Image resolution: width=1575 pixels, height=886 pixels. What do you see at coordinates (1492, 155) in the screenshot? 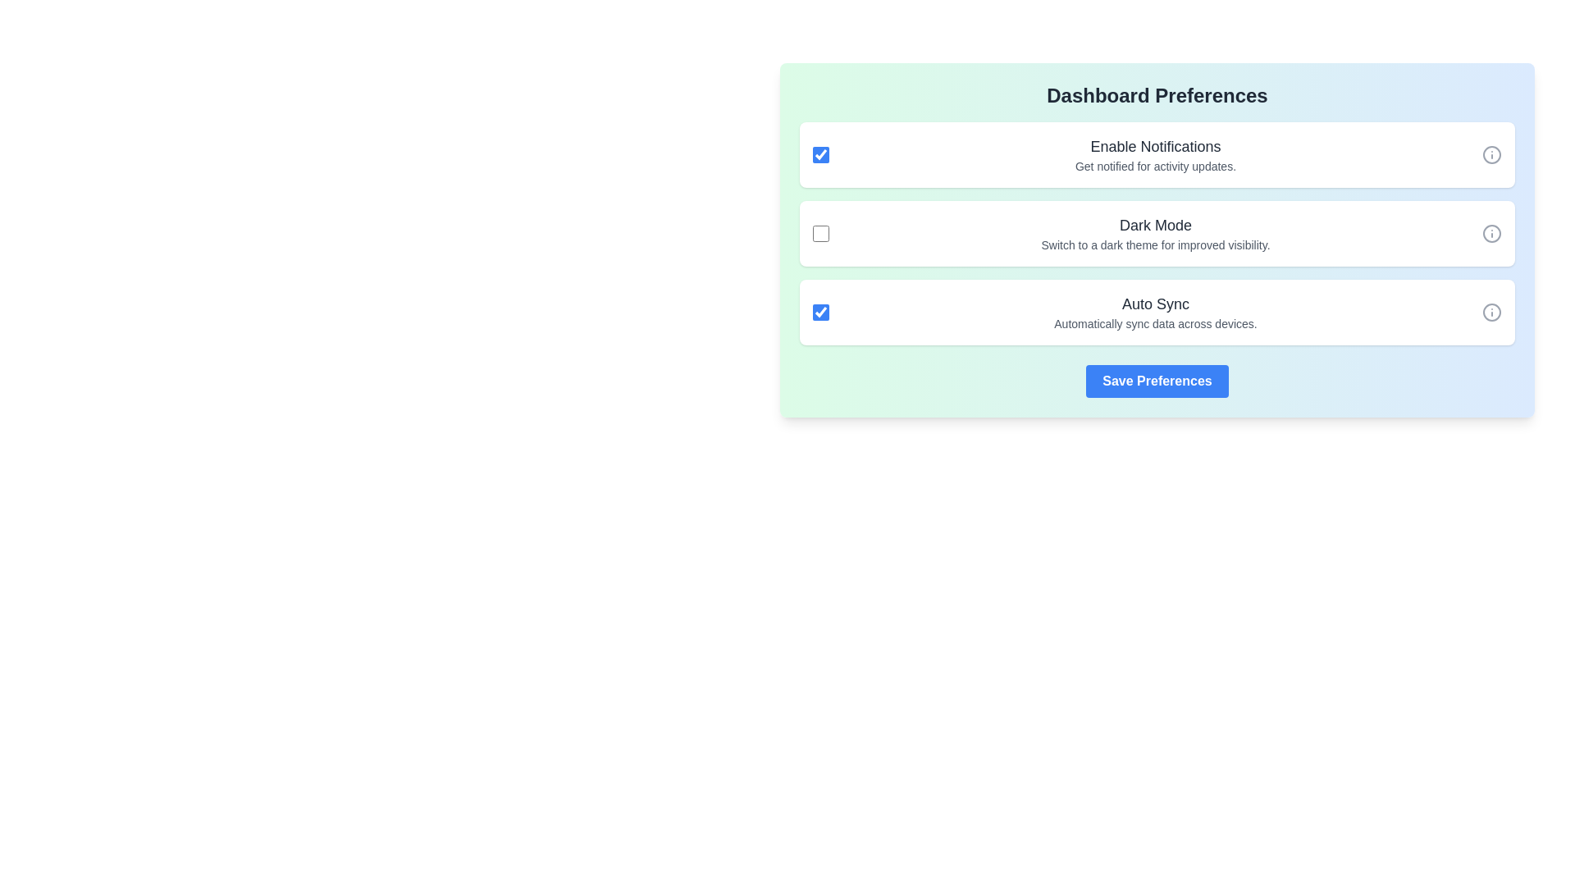
I see `the information icon to view additional details` at bounding box center [1492, 155].